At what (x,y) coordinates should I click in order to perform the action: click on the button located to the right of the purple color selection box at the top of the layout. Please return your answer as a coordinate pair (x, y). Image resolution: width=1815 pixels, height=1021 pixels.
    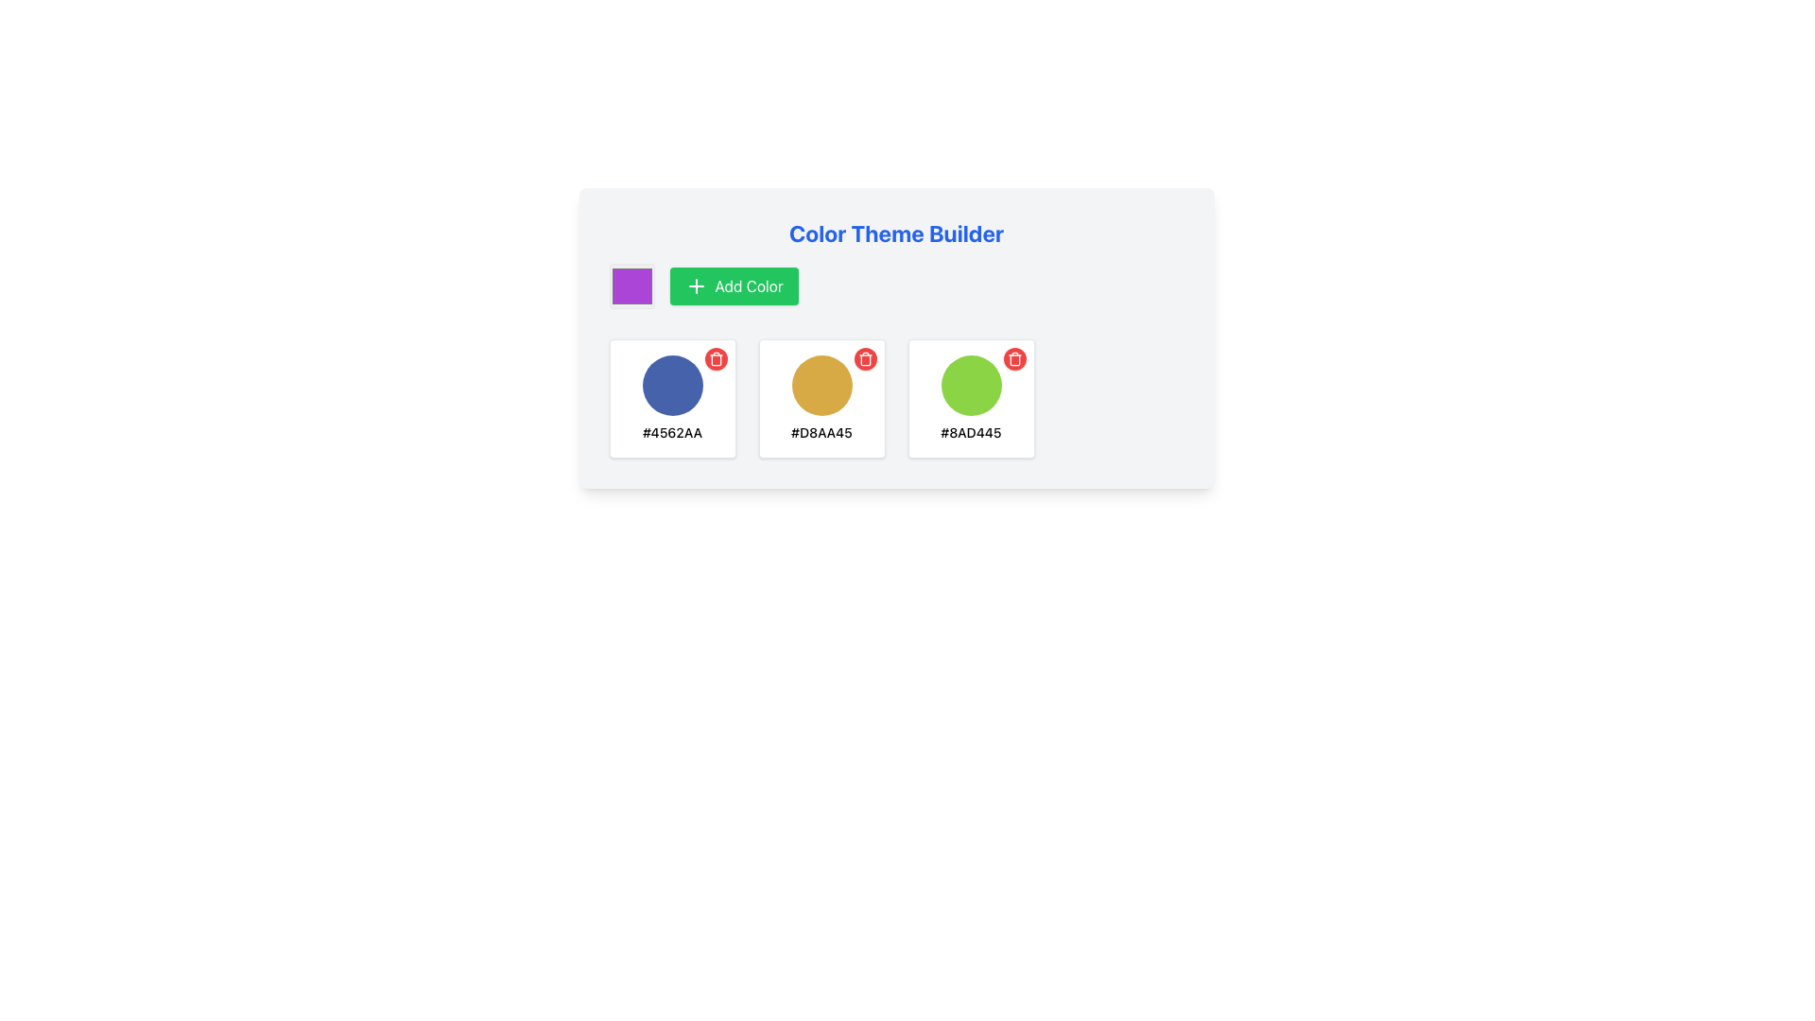
    Looking at the image, I should click on (733, 286).